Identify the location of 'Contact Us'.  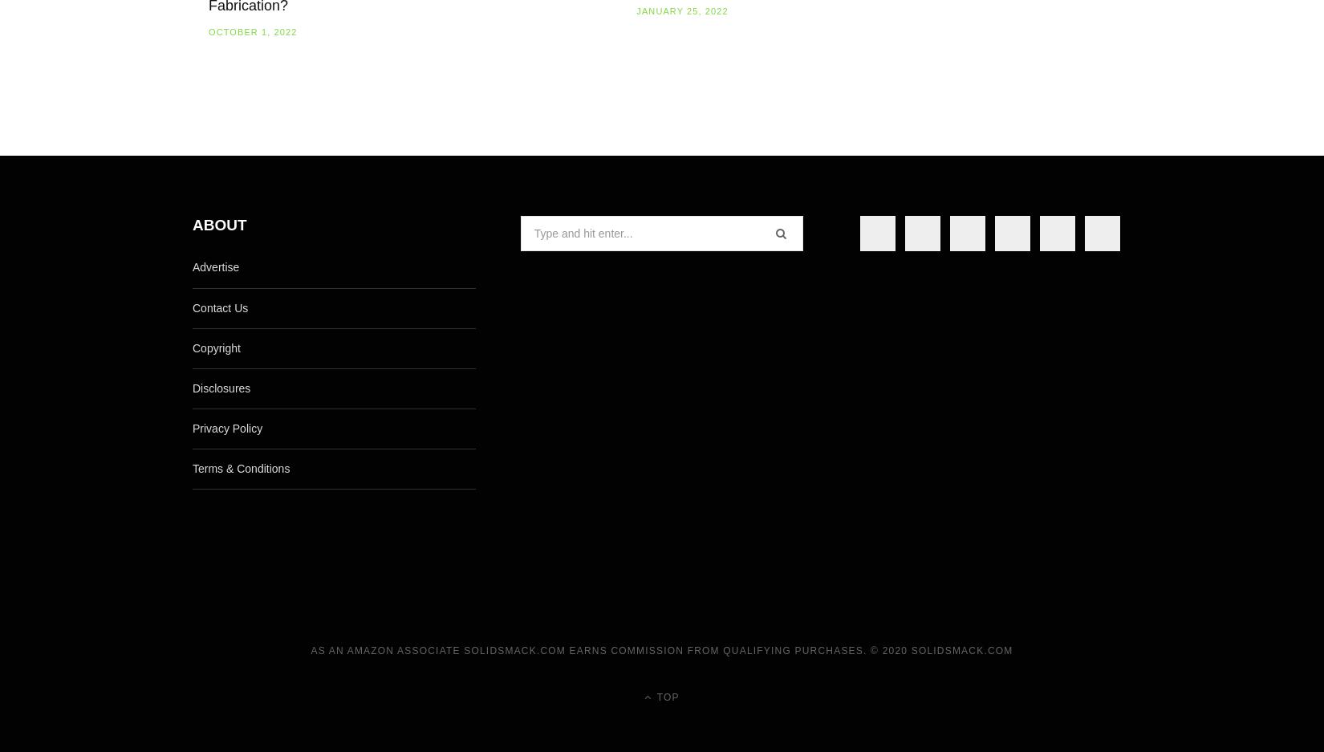
(220, 307).